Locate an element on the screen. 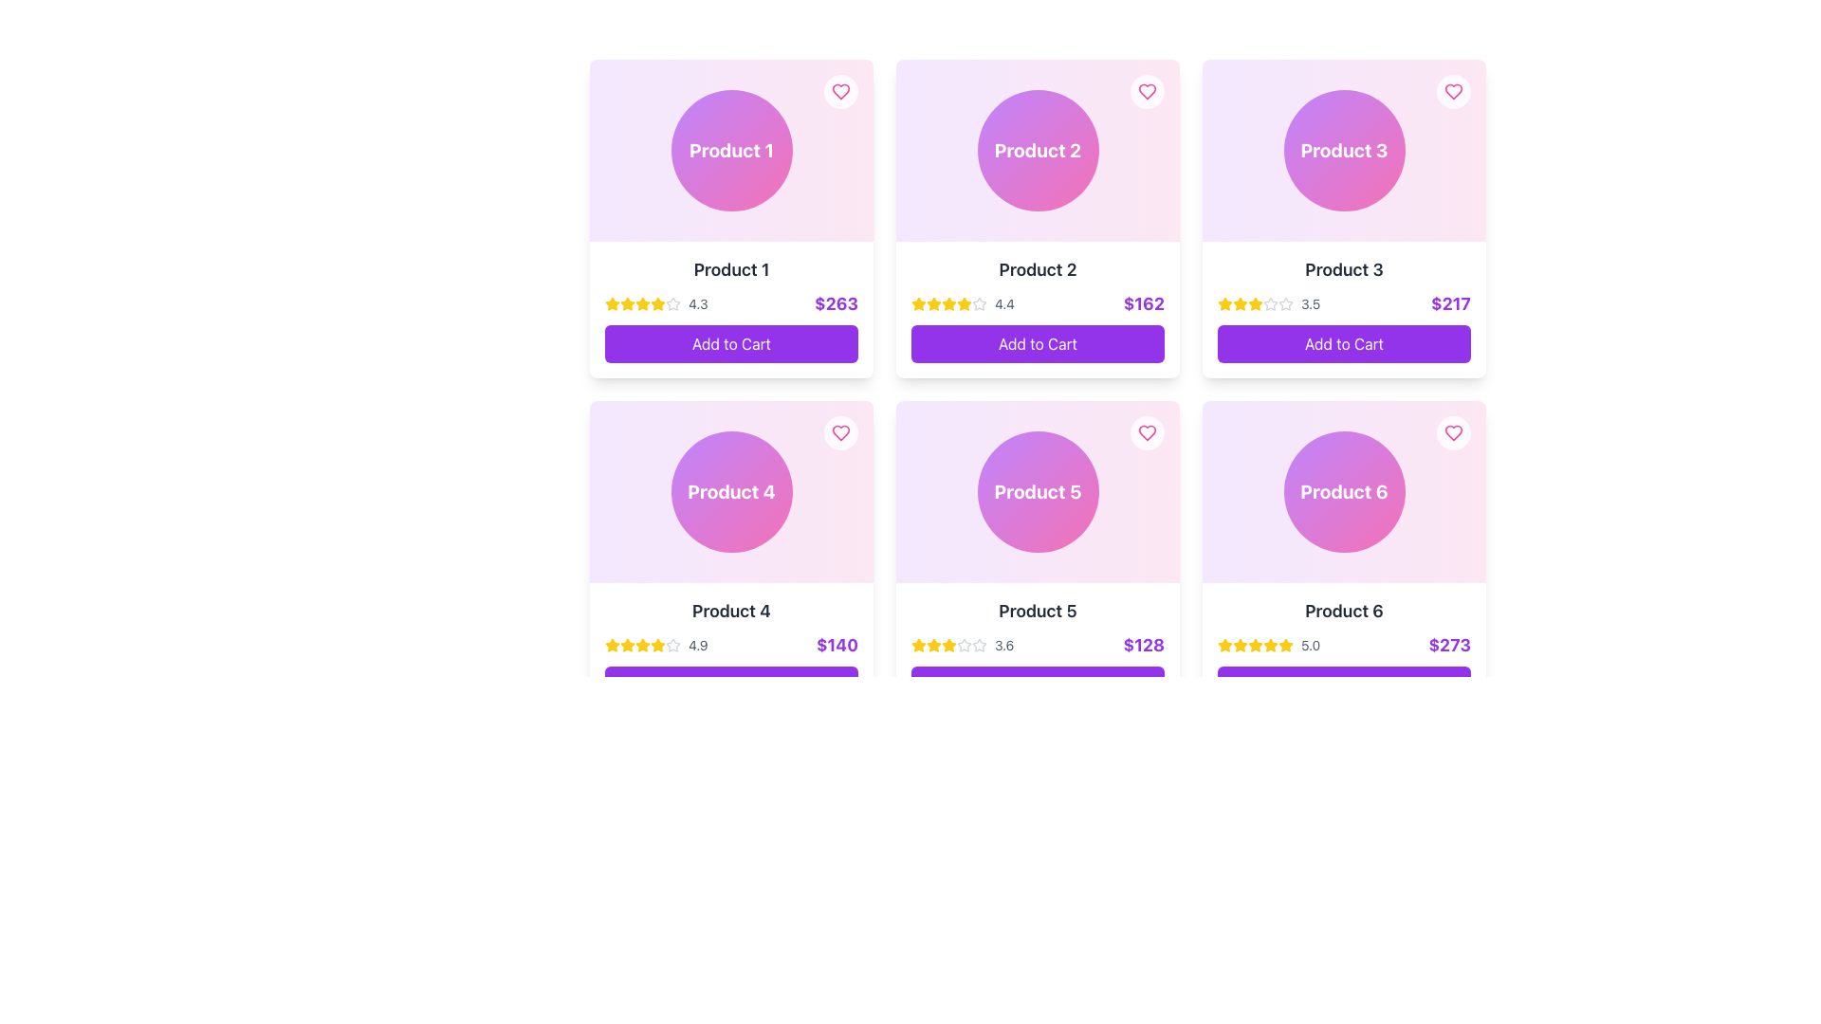  text element displaying '4.4' in light gray font, located below the product name and above the pricing in the card for 'Product 2', adjacent to the star rating icons is located at coordinates (1003, 302).